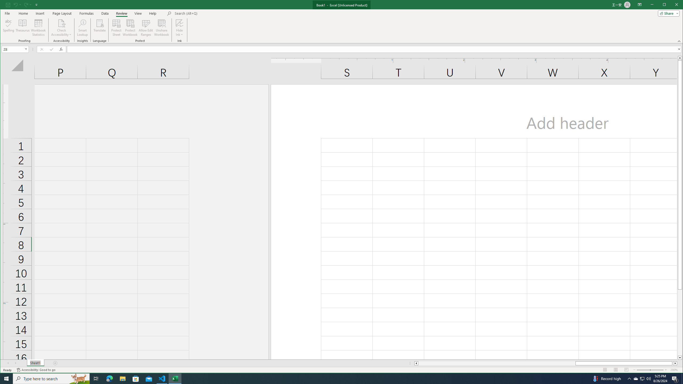 The height and width of the screenshot is (384, 683). Describe the element at coordinates (78, 378) in the screenshot. I see `'Search highlights icon opens search home window'` at that location.